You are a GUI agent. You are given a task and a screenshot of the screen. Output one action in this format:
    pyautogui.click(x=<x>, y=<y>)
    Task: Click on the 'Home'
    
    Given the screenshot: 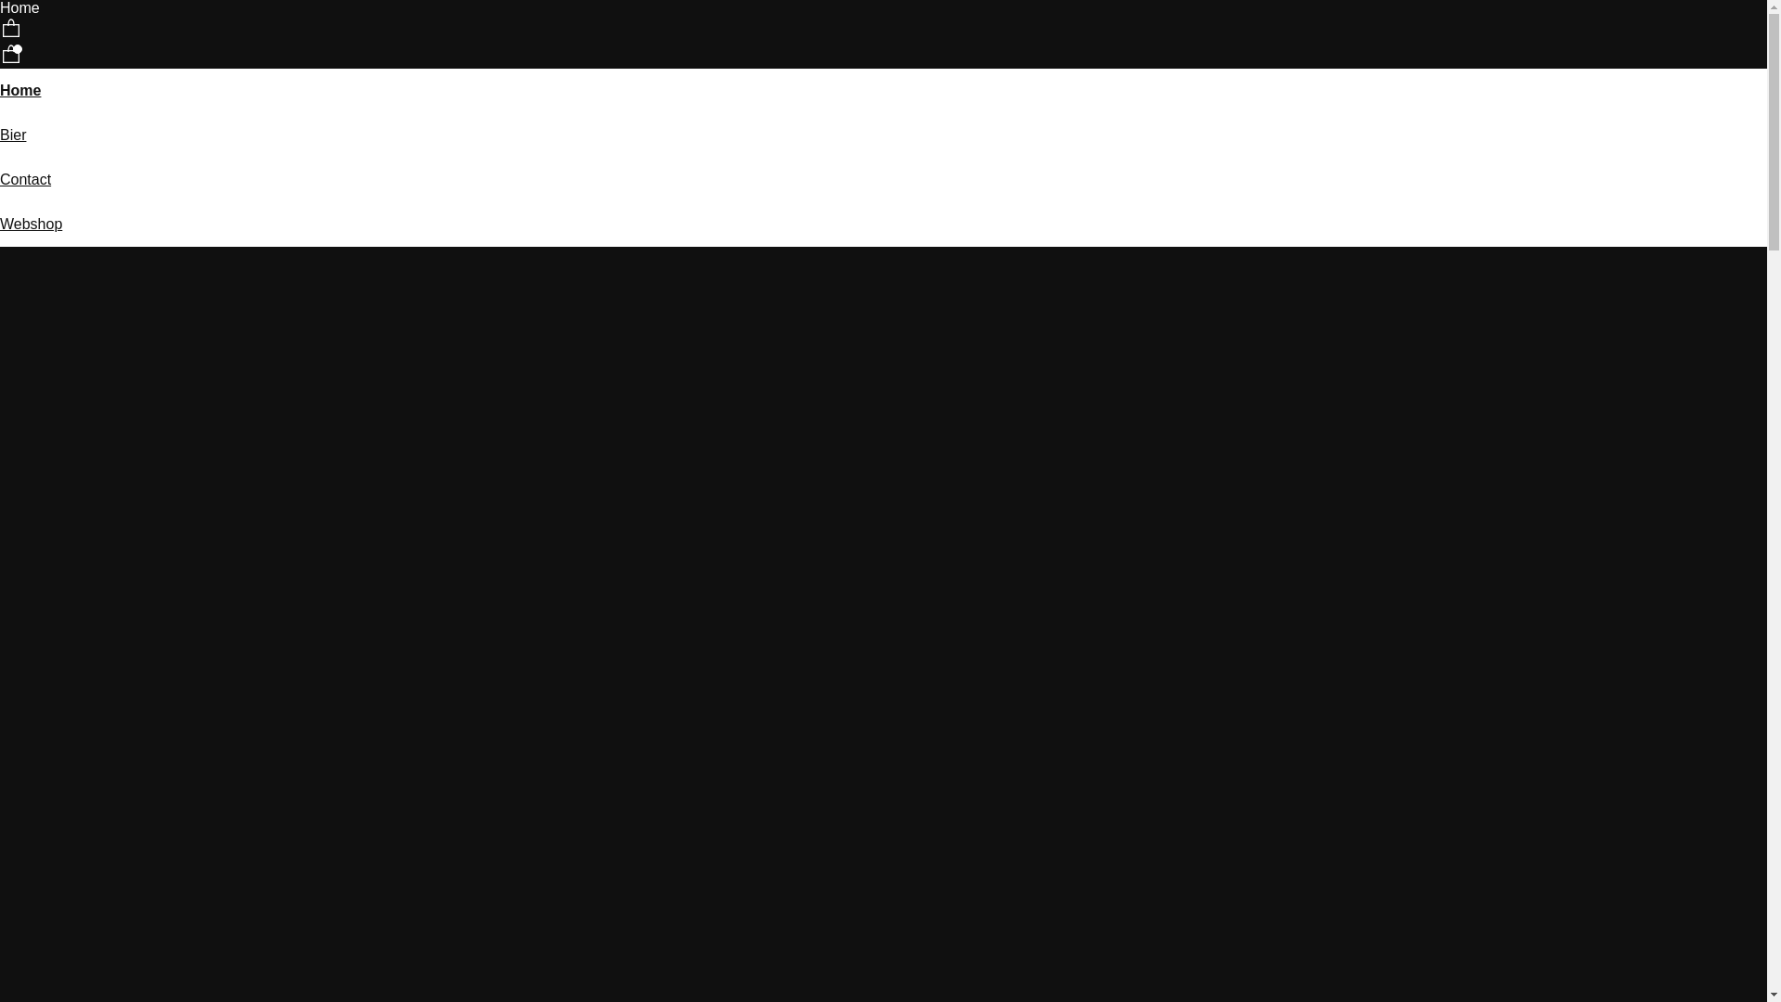 What is the action you would take?
    pyautogui.click(x=20, y=90)
    